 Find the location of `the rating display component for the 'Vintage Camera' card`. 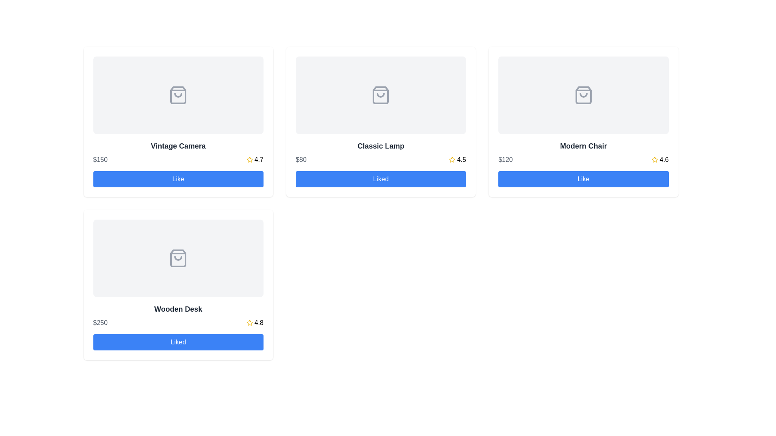

the rating display component for the 'Vintage Camera' card is located at coordinates (254, 160).